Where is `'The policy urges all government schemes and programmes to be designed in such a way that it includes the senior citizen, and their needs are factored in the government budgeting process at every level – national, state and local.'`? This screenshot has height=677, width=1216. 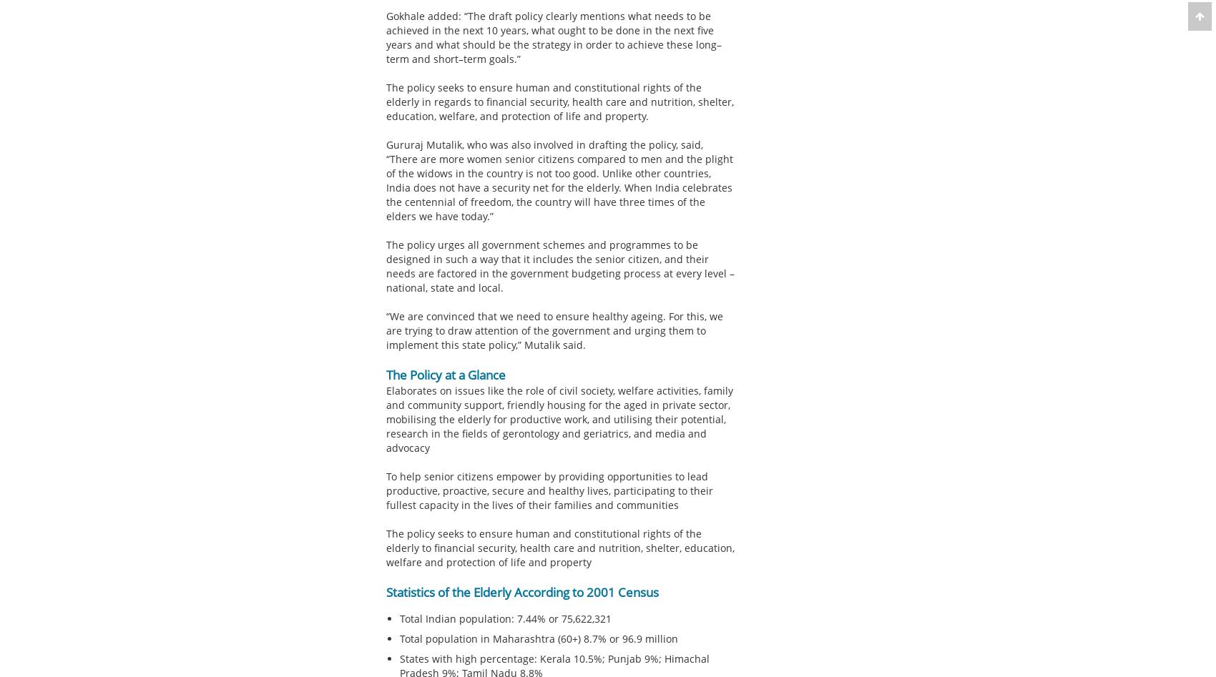 'The policy urges all government schemes and programmes to be designed in such a way that it includes the senior citizen, and their needs are factored in the government budgeting process at every level – national, state and local.' is located at coordinates (559, 265).